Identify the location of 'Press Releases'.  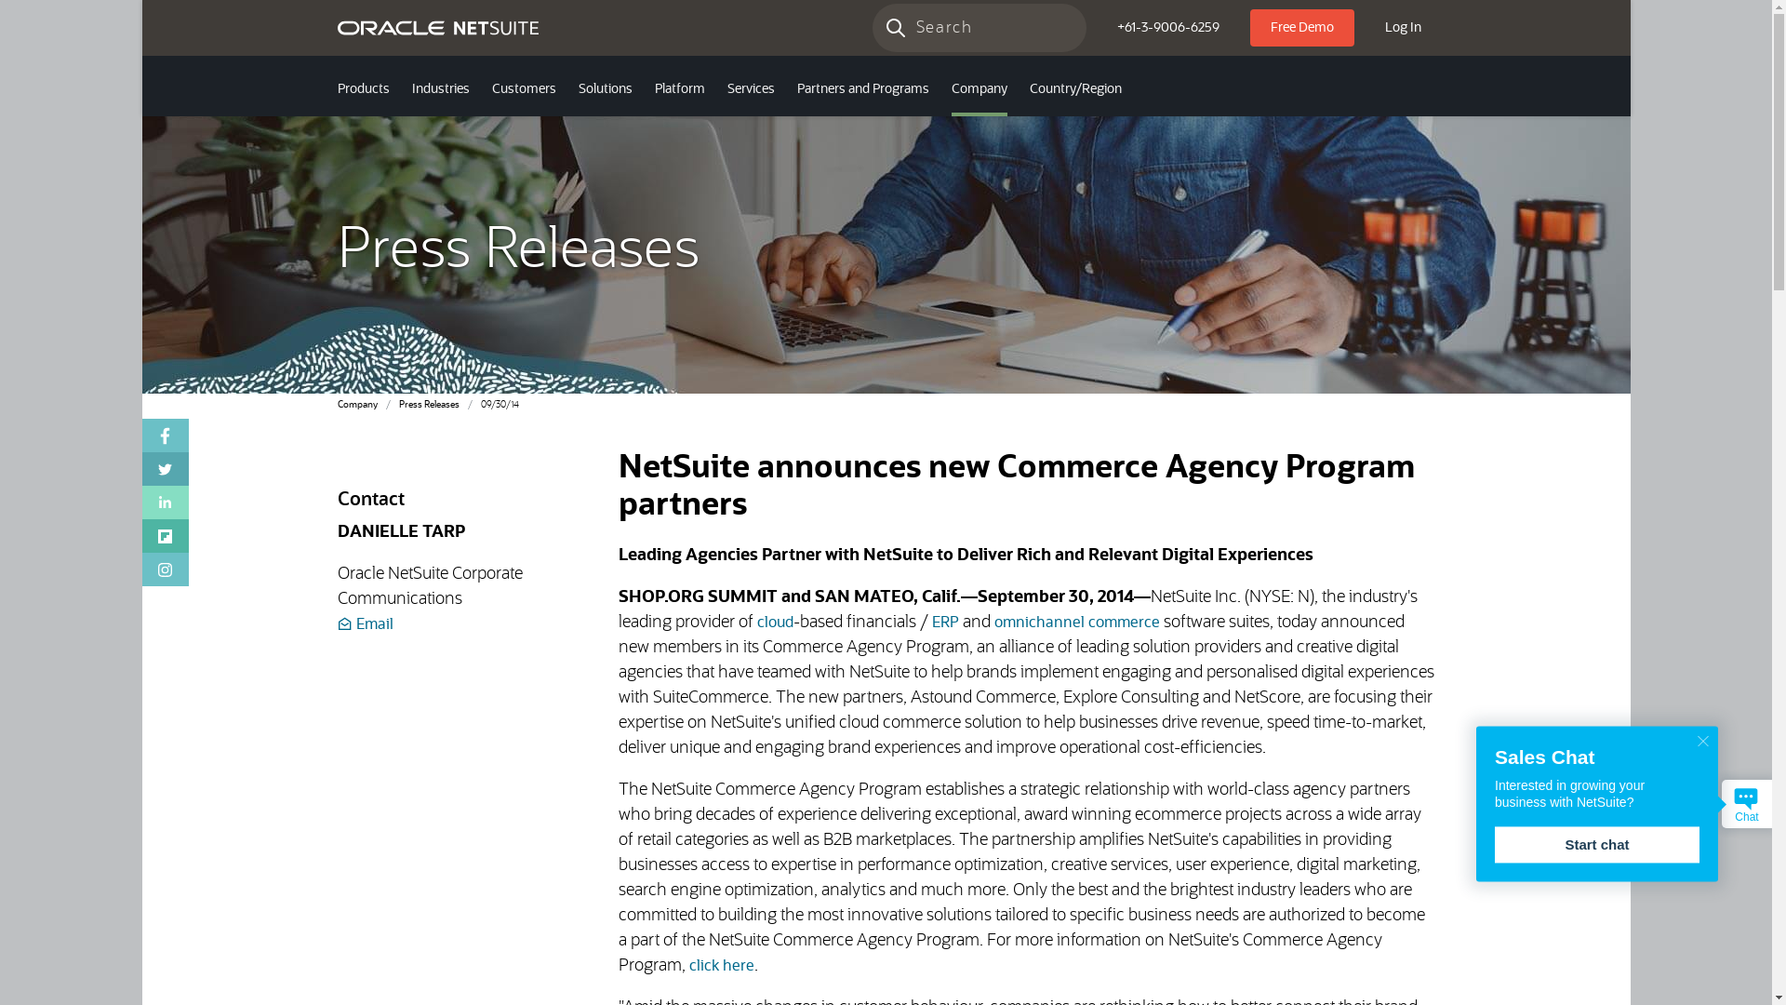
(427, 404).